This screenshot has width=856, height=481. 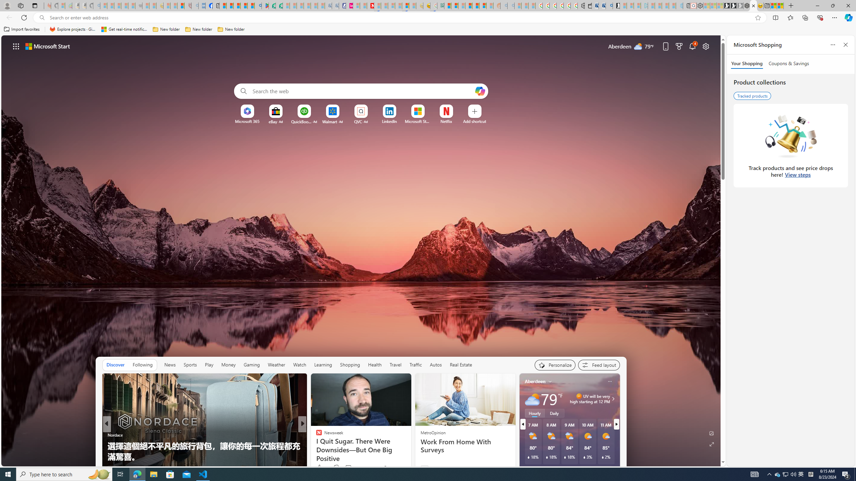 I want to click on 'Body Network', so click(x=316, y=445).